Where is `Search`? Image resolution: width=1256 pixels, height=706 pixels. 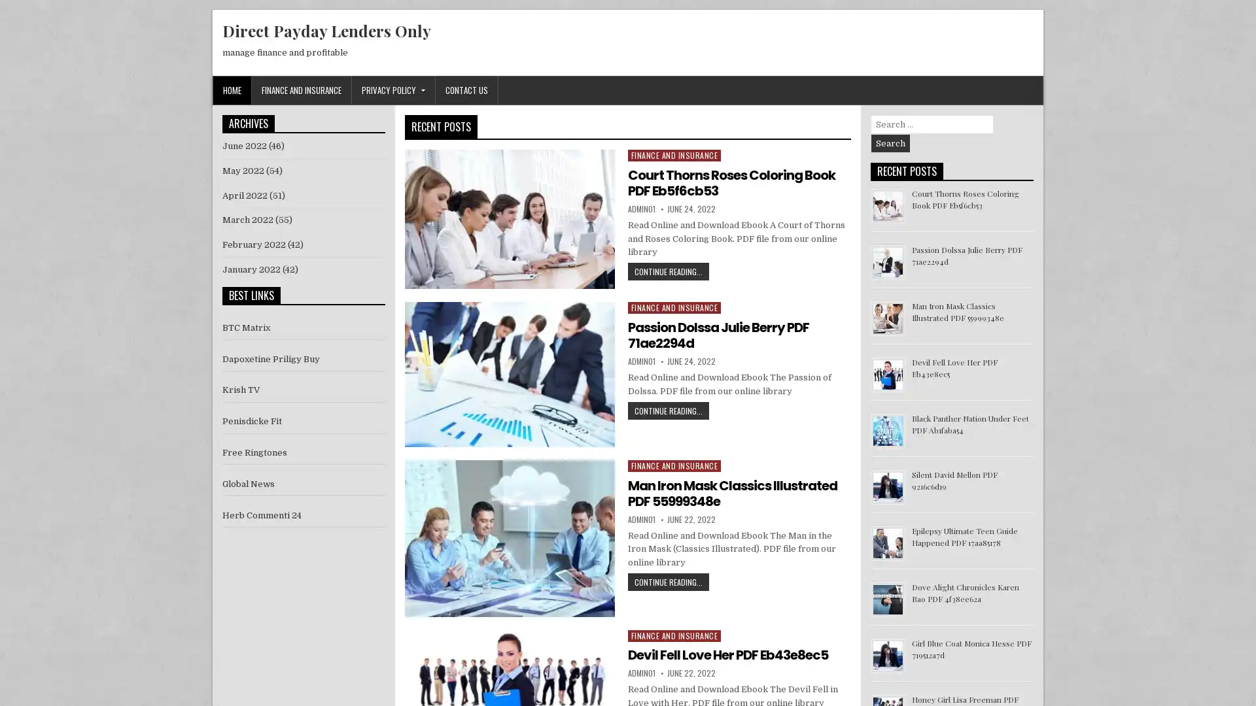 Search is located at coordinates (890, 143).